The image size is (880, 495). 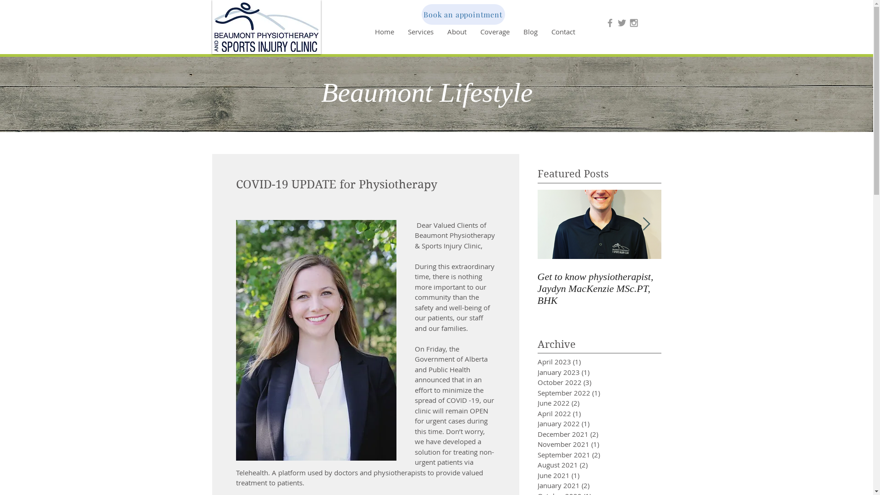 I want to click on 'Home', so click(x=384, y=31).